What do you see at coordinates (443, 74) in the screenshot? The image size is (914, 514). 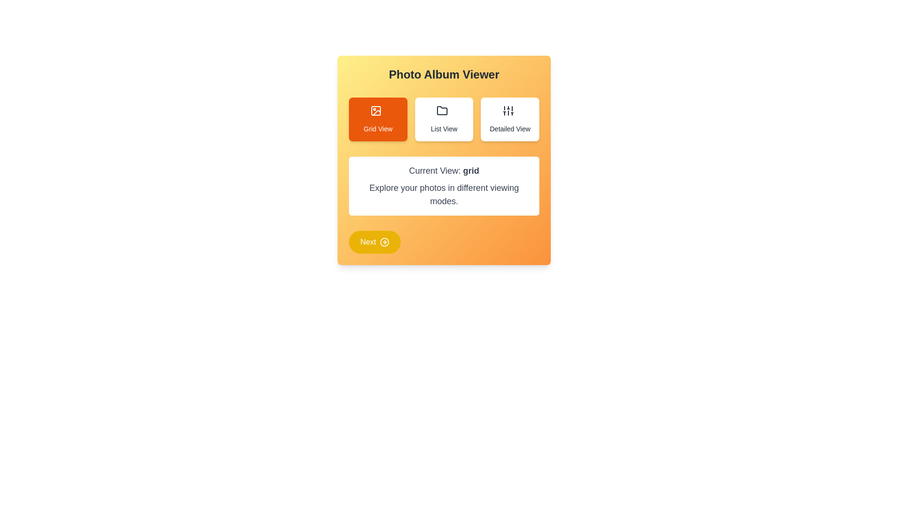 I see `the title text element that indicates the section is dedicated` at bounding box center [443, 74].